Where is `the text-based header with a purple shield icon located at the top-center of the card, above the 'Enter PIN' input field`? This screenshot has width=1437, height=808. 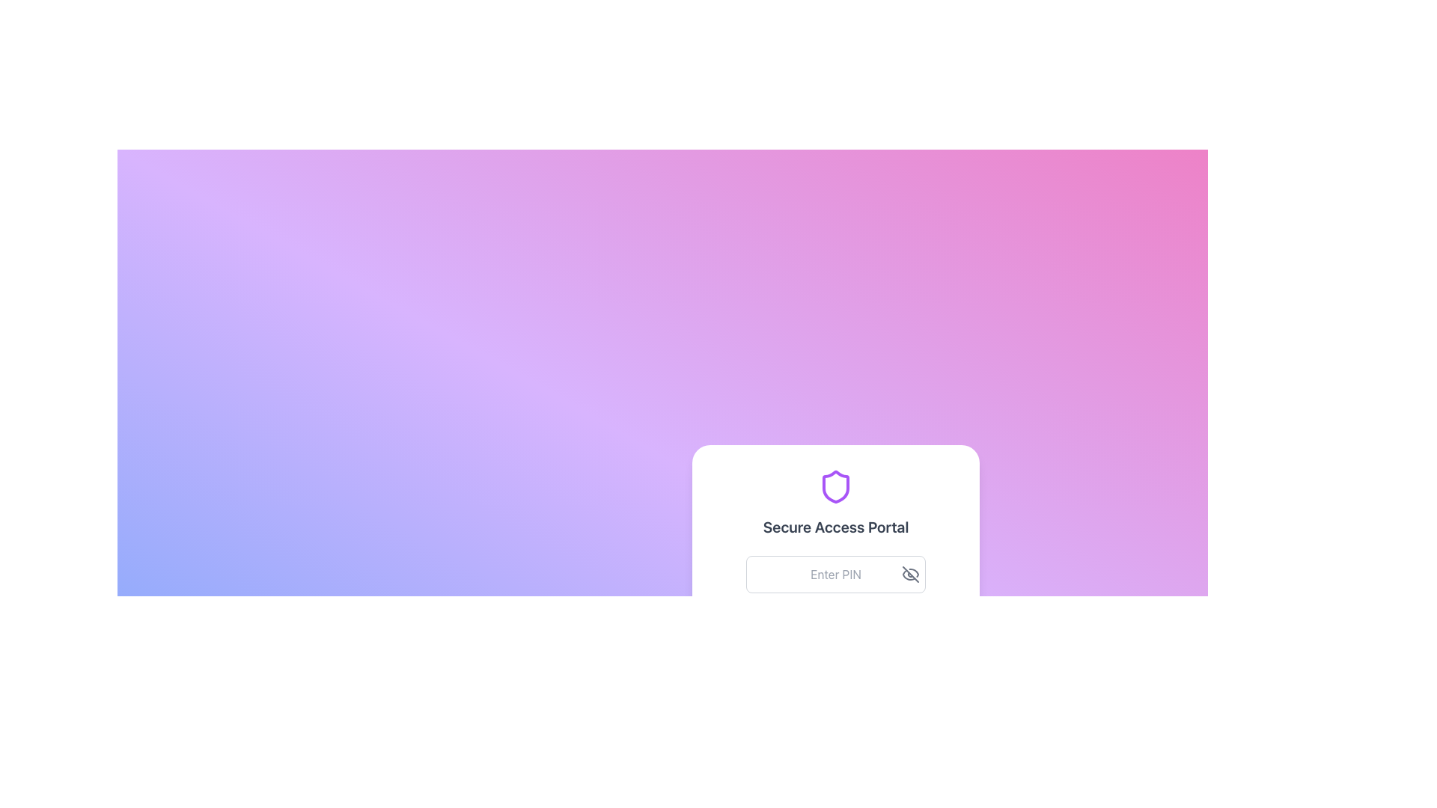
the text-based header with a purple shield icon located at the top-center of the card, above the 'Enter PIN' input field is located at coordinates (835, 503).